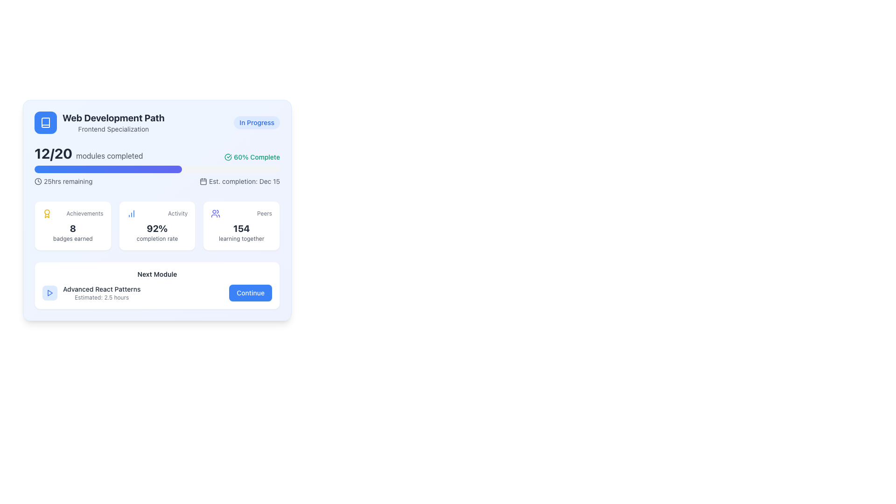 Image resolution: width=896 pixels, height=504 pixels. Describe the element at coordinates (37, 182) in the screenshot. I see `the icon that indicates a time-related aspect, positioned immediately to the left of the text '25hrs remaining'` at that location.